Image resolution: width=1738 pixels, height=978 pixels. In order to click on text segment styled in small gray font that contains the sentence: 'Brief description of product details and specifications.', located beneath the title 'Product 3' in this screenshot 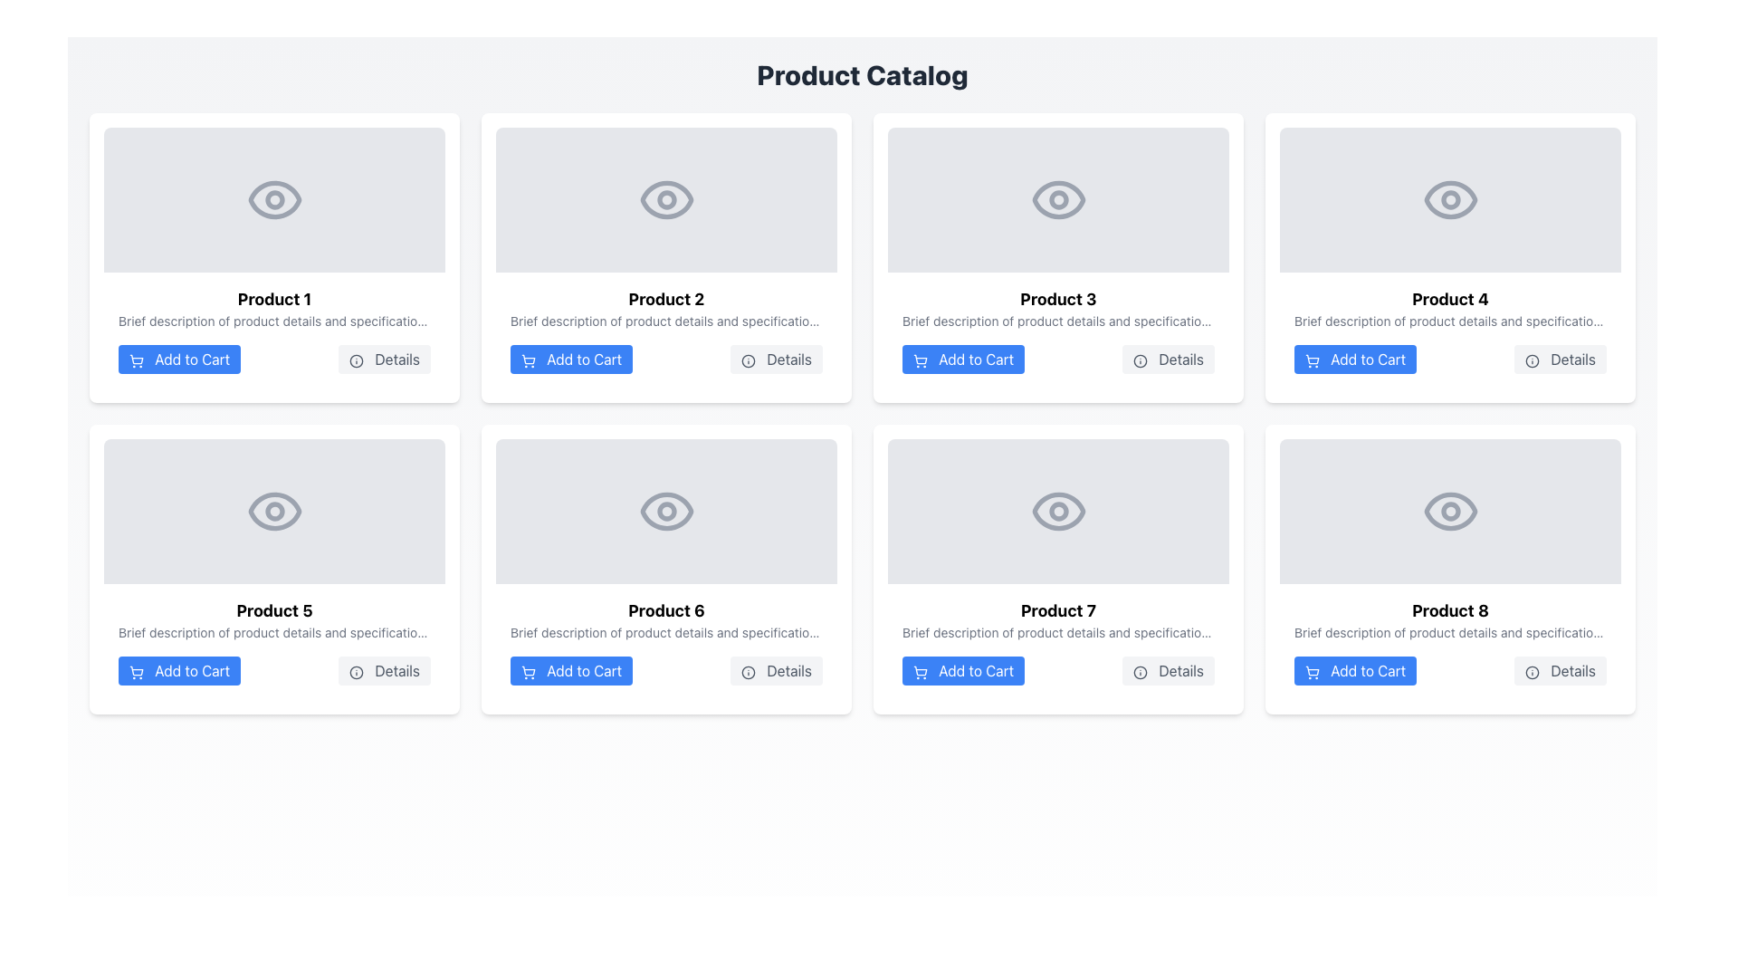, I will do `click(1058, 320)`.